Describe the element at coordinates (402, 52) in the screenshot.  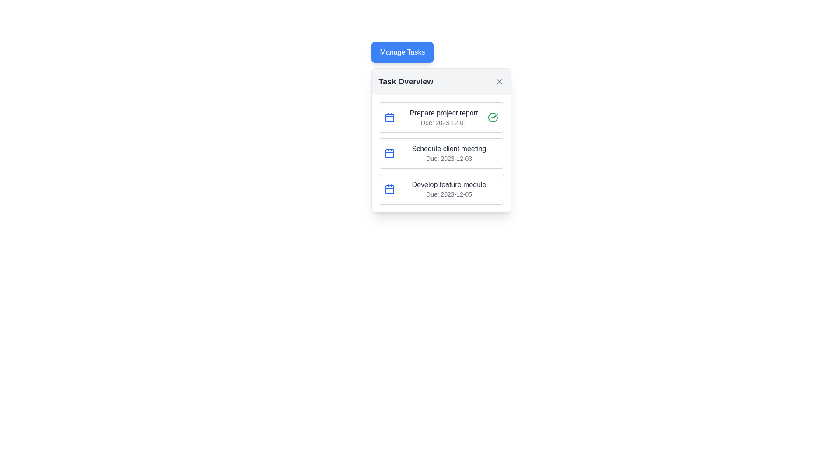
I see `the 'Manage Tasks' button, which is a rectangular button with rounded corners, blue background, and white text` at that location.